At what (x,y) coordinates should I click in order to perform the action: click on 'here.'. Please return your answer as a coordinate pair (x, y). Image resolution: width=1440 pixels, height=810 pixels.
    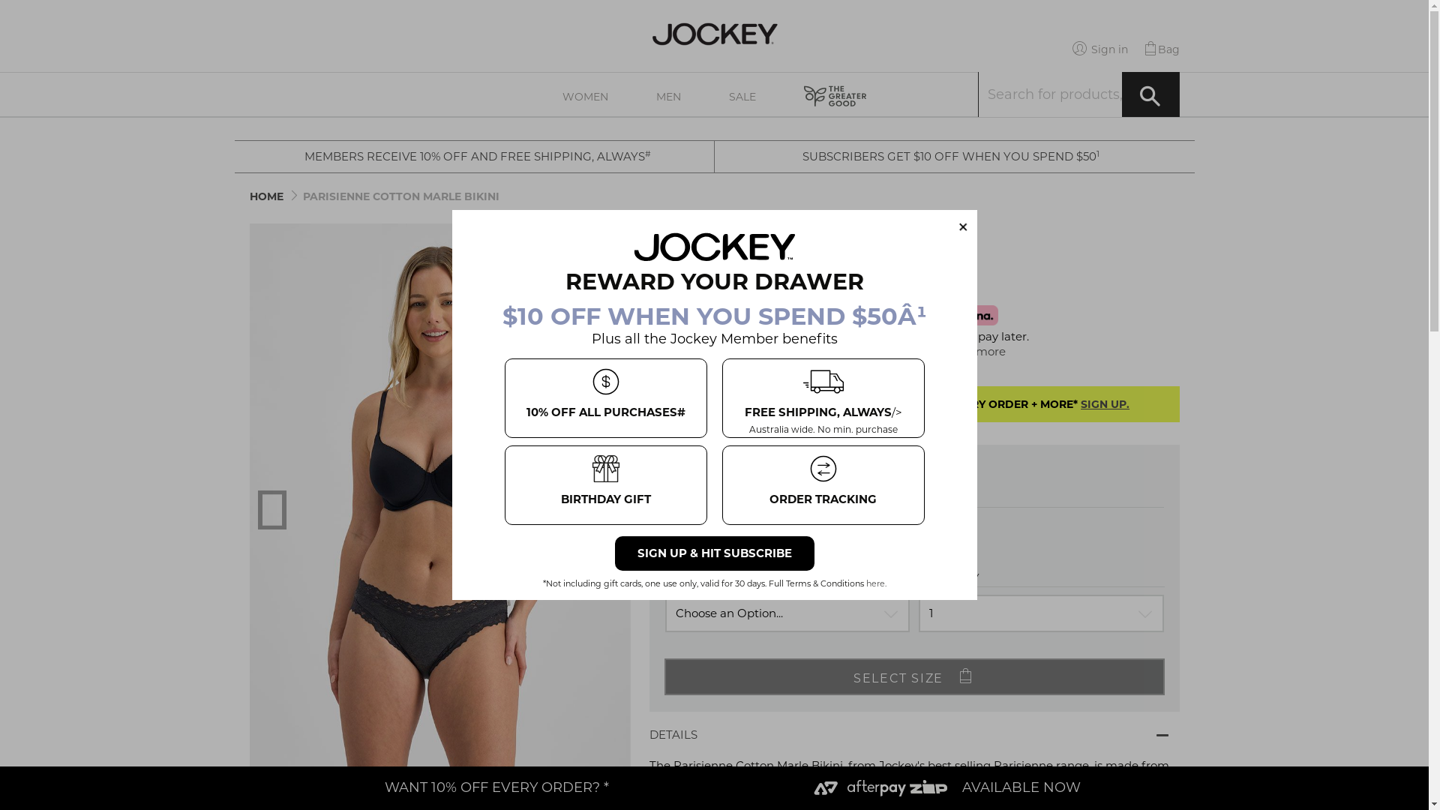
    Looking at the image, I should click on (865, 583).